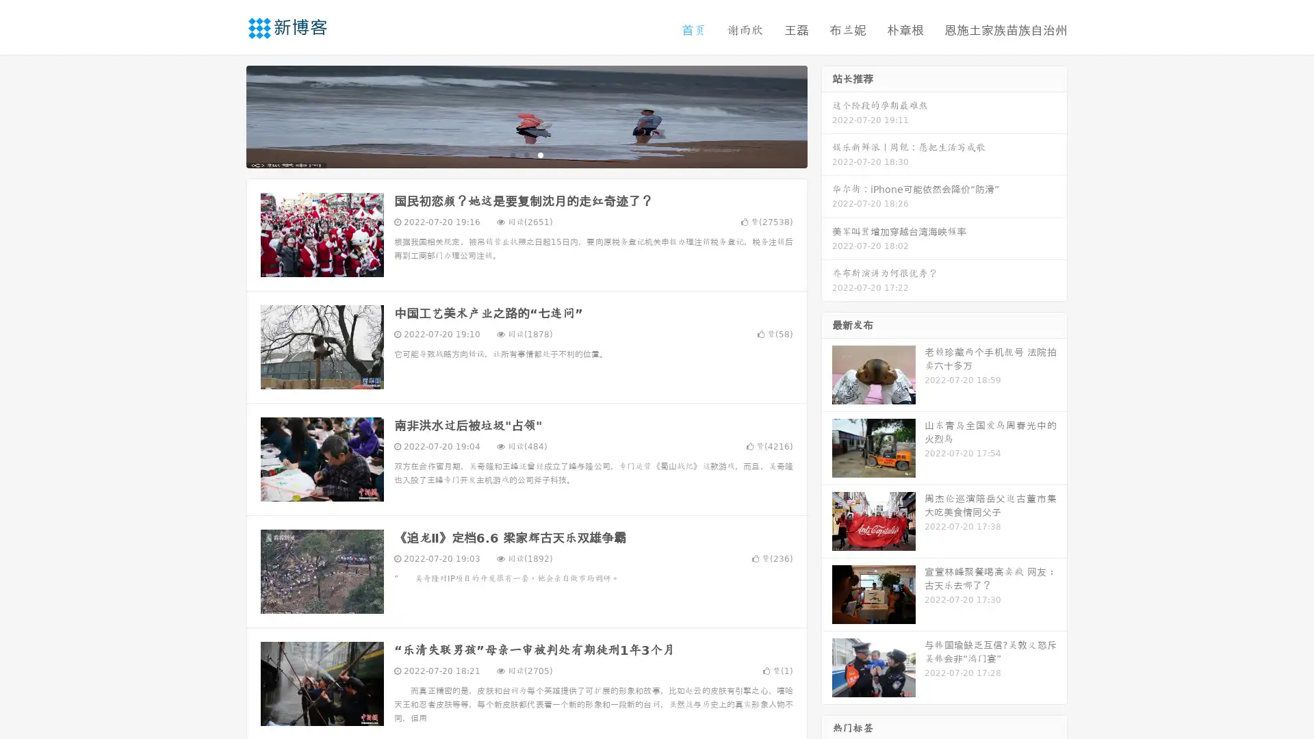 This screenshot has height=739, width=1314. Describe the element at coordinates (512, 154) in the screenshot. I see `Go to slide 1` at that location.